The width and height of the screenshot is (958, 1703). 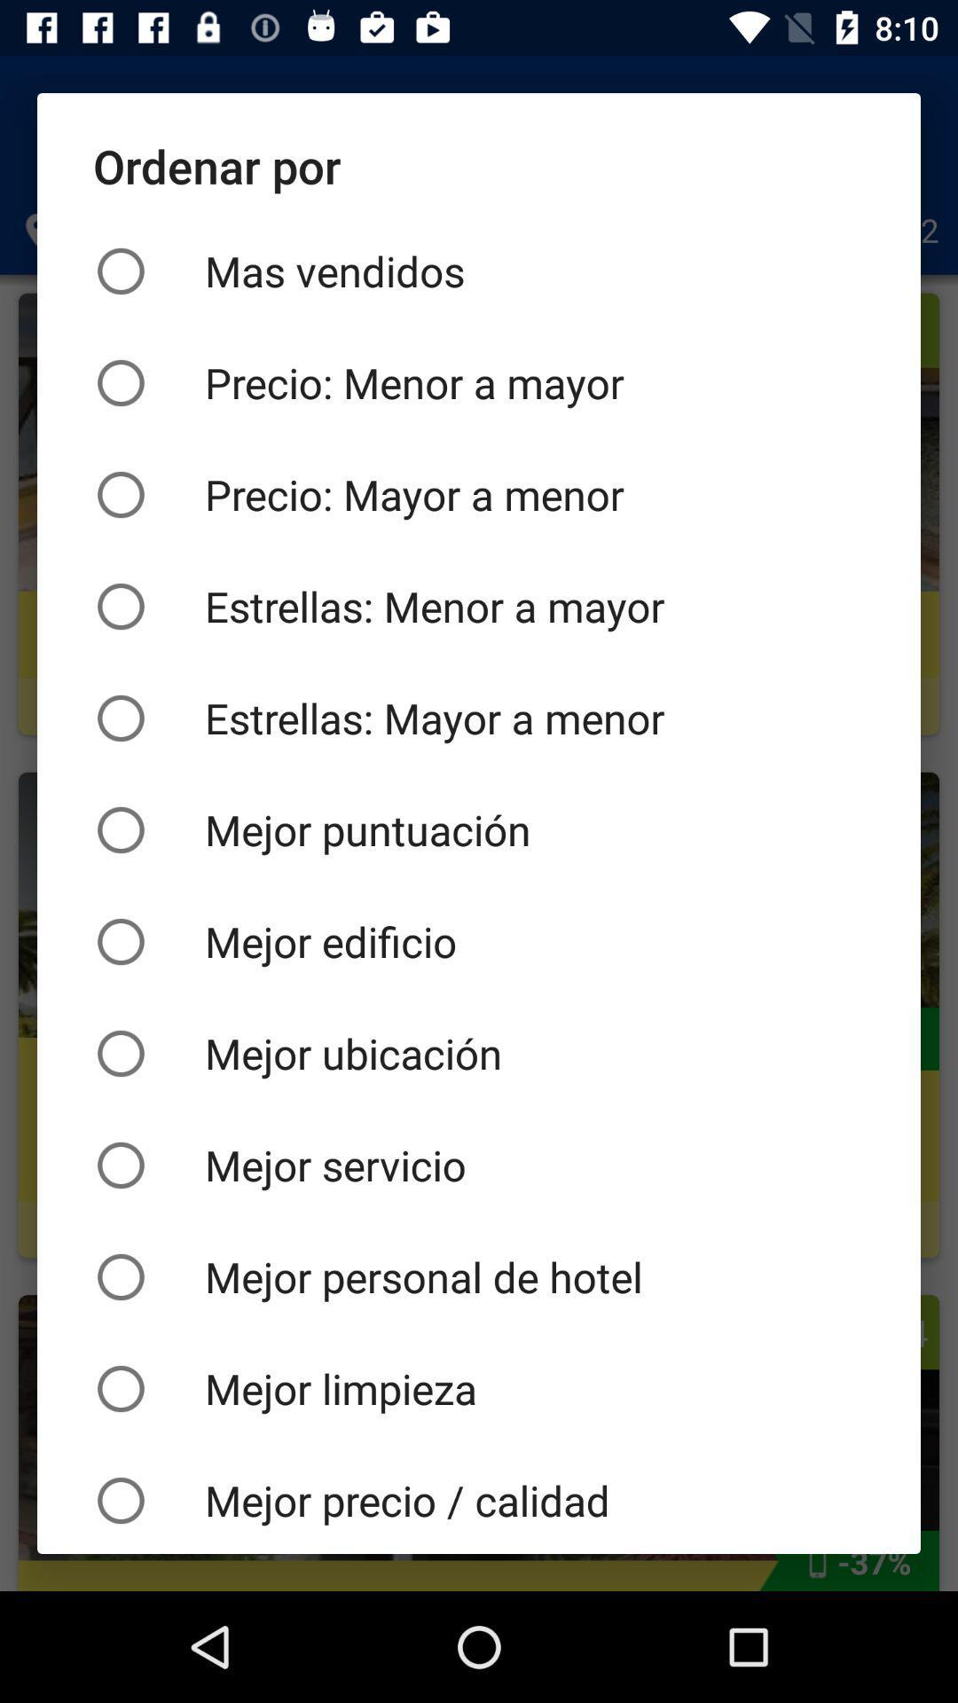 What do you see at coordinates (479, 1498) in the screenshot?
I see `icon below the mejor limpieza item` at bounding box center [479, 1498].